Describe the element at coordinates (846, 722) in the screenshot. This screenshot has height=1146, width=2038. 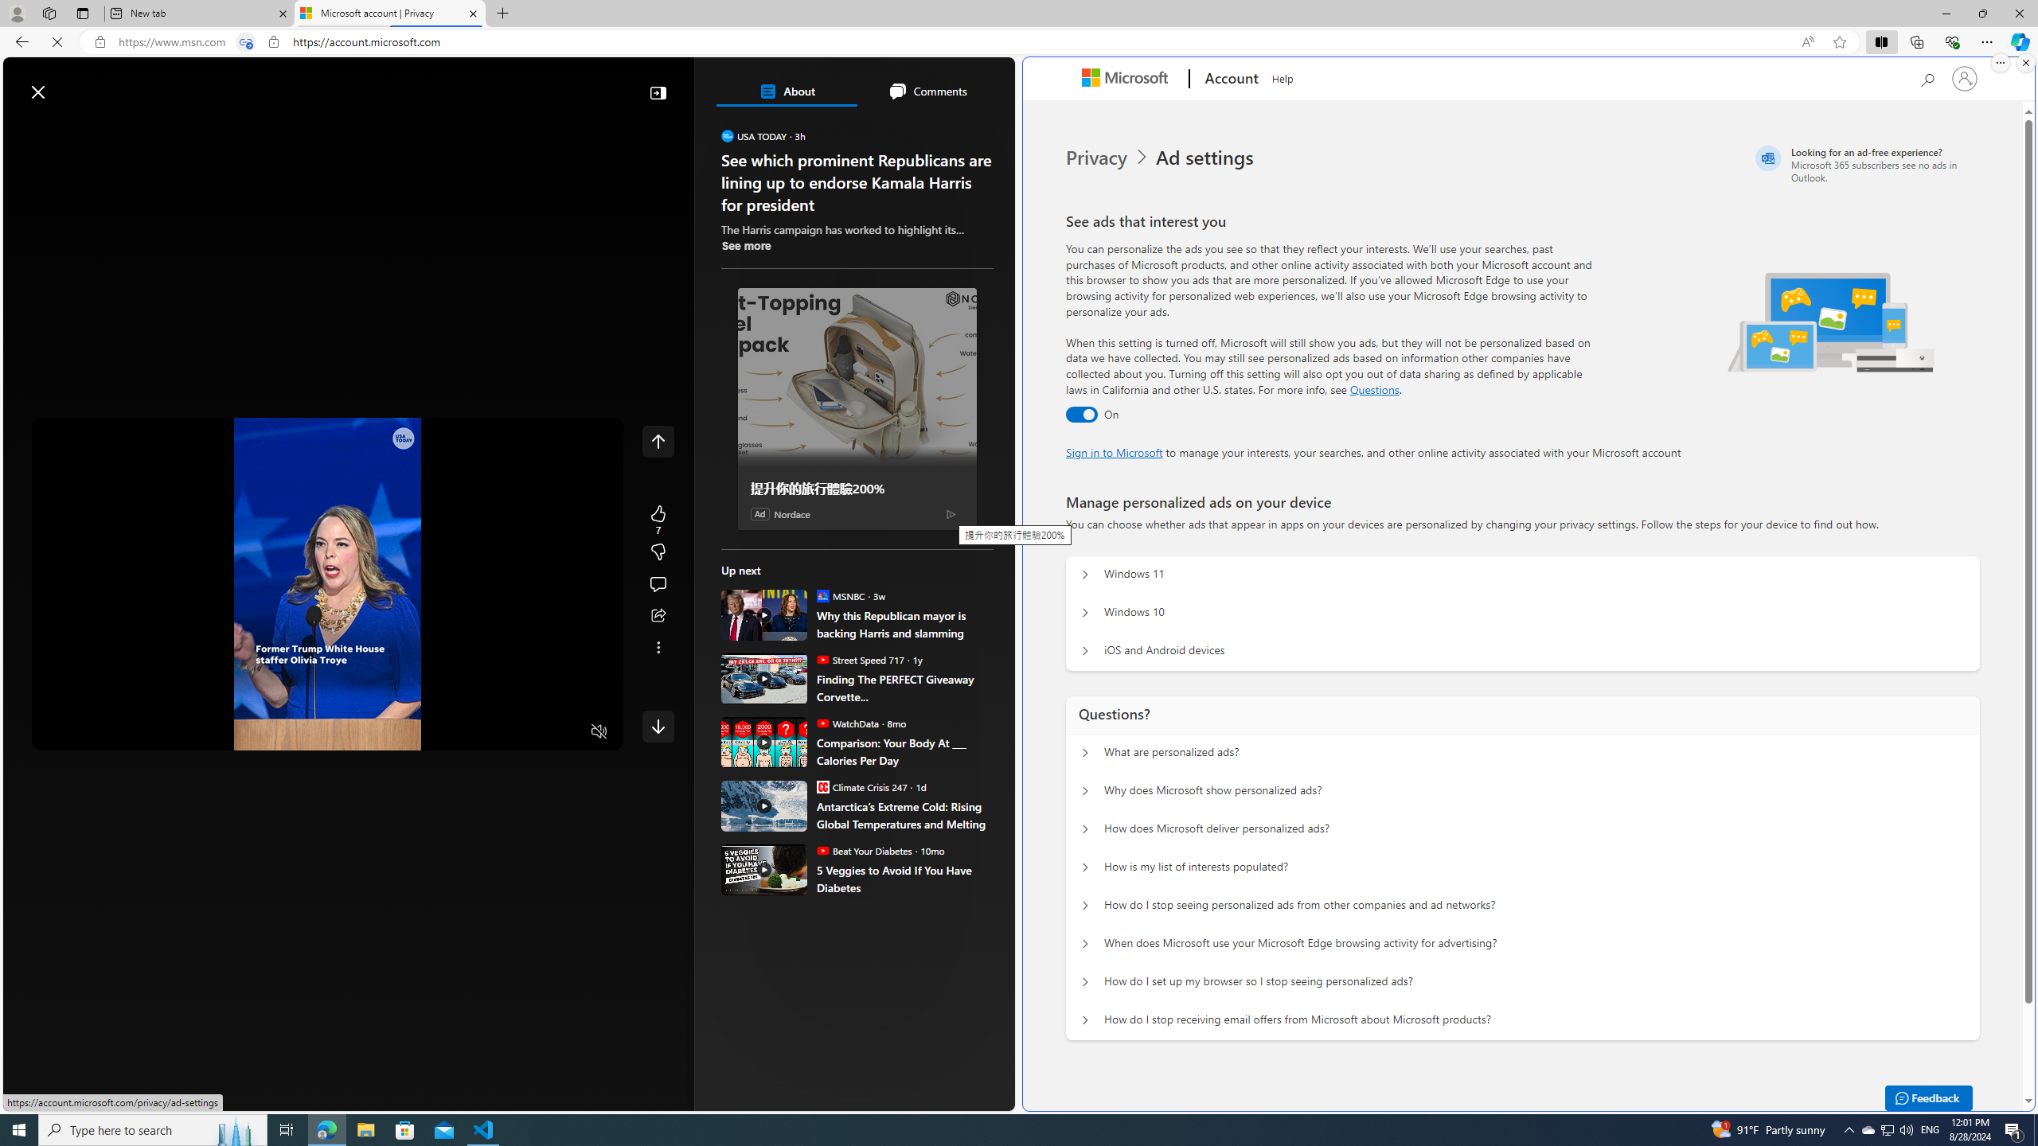
I see `'WatchData WatchData'` at that location.